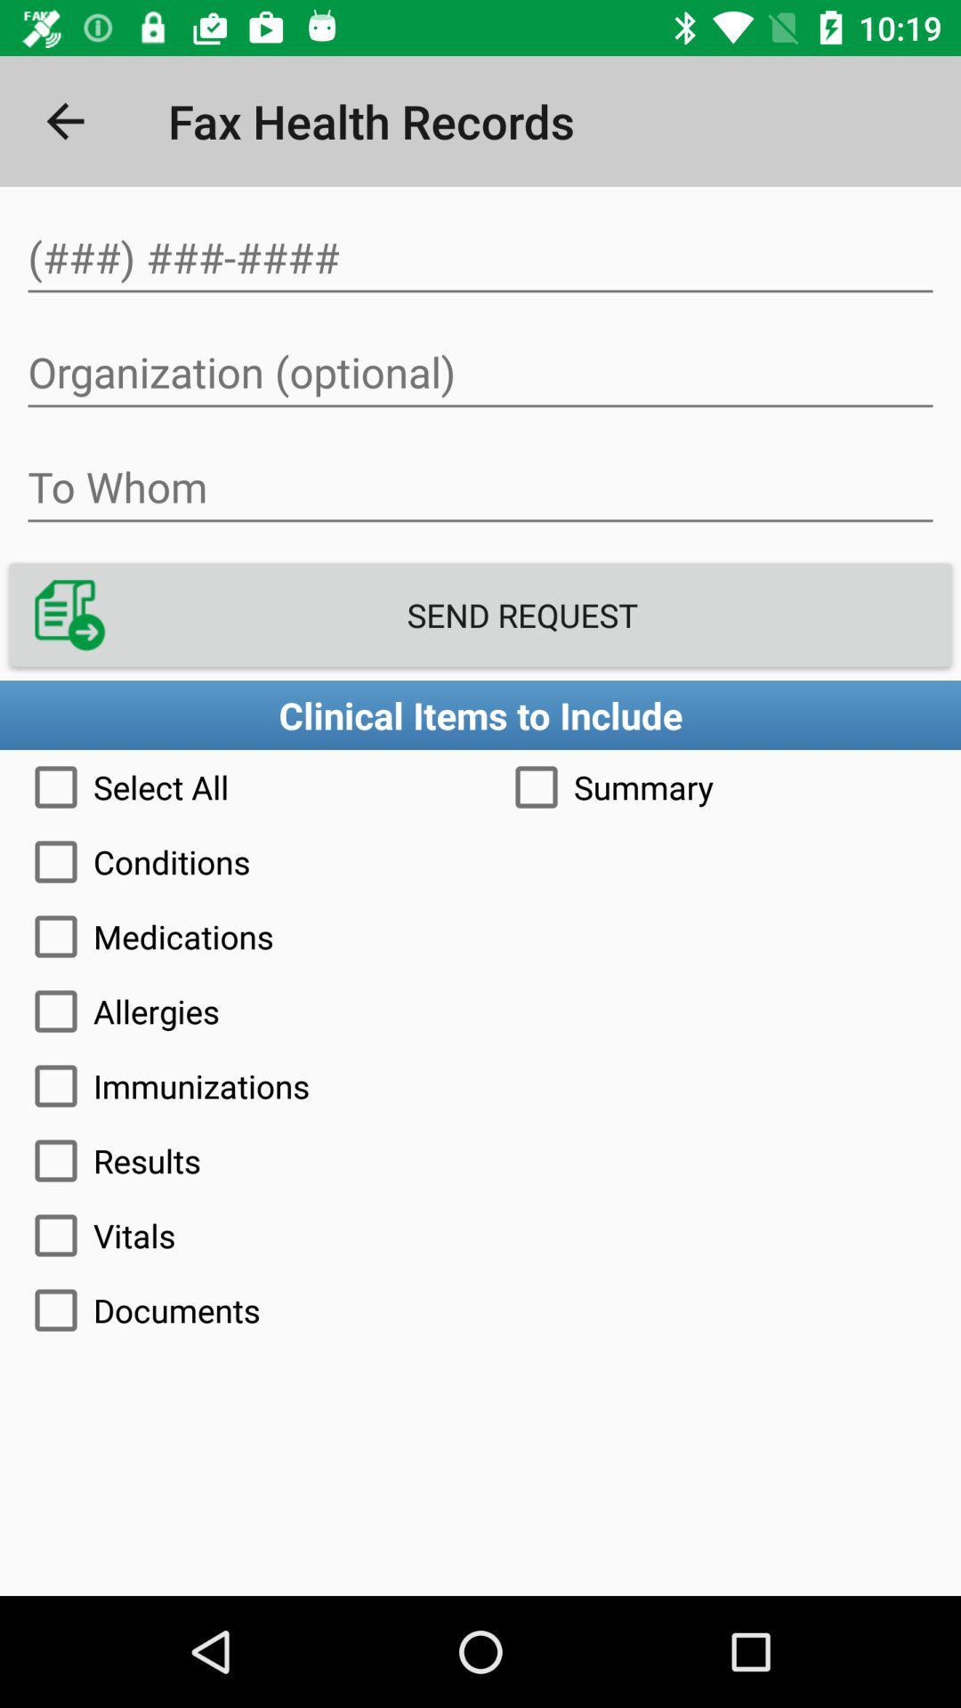 Image resolution: width=961 pixels, height=1708 pixels. I want to click on the immunizations icon, so click(480, 1084).